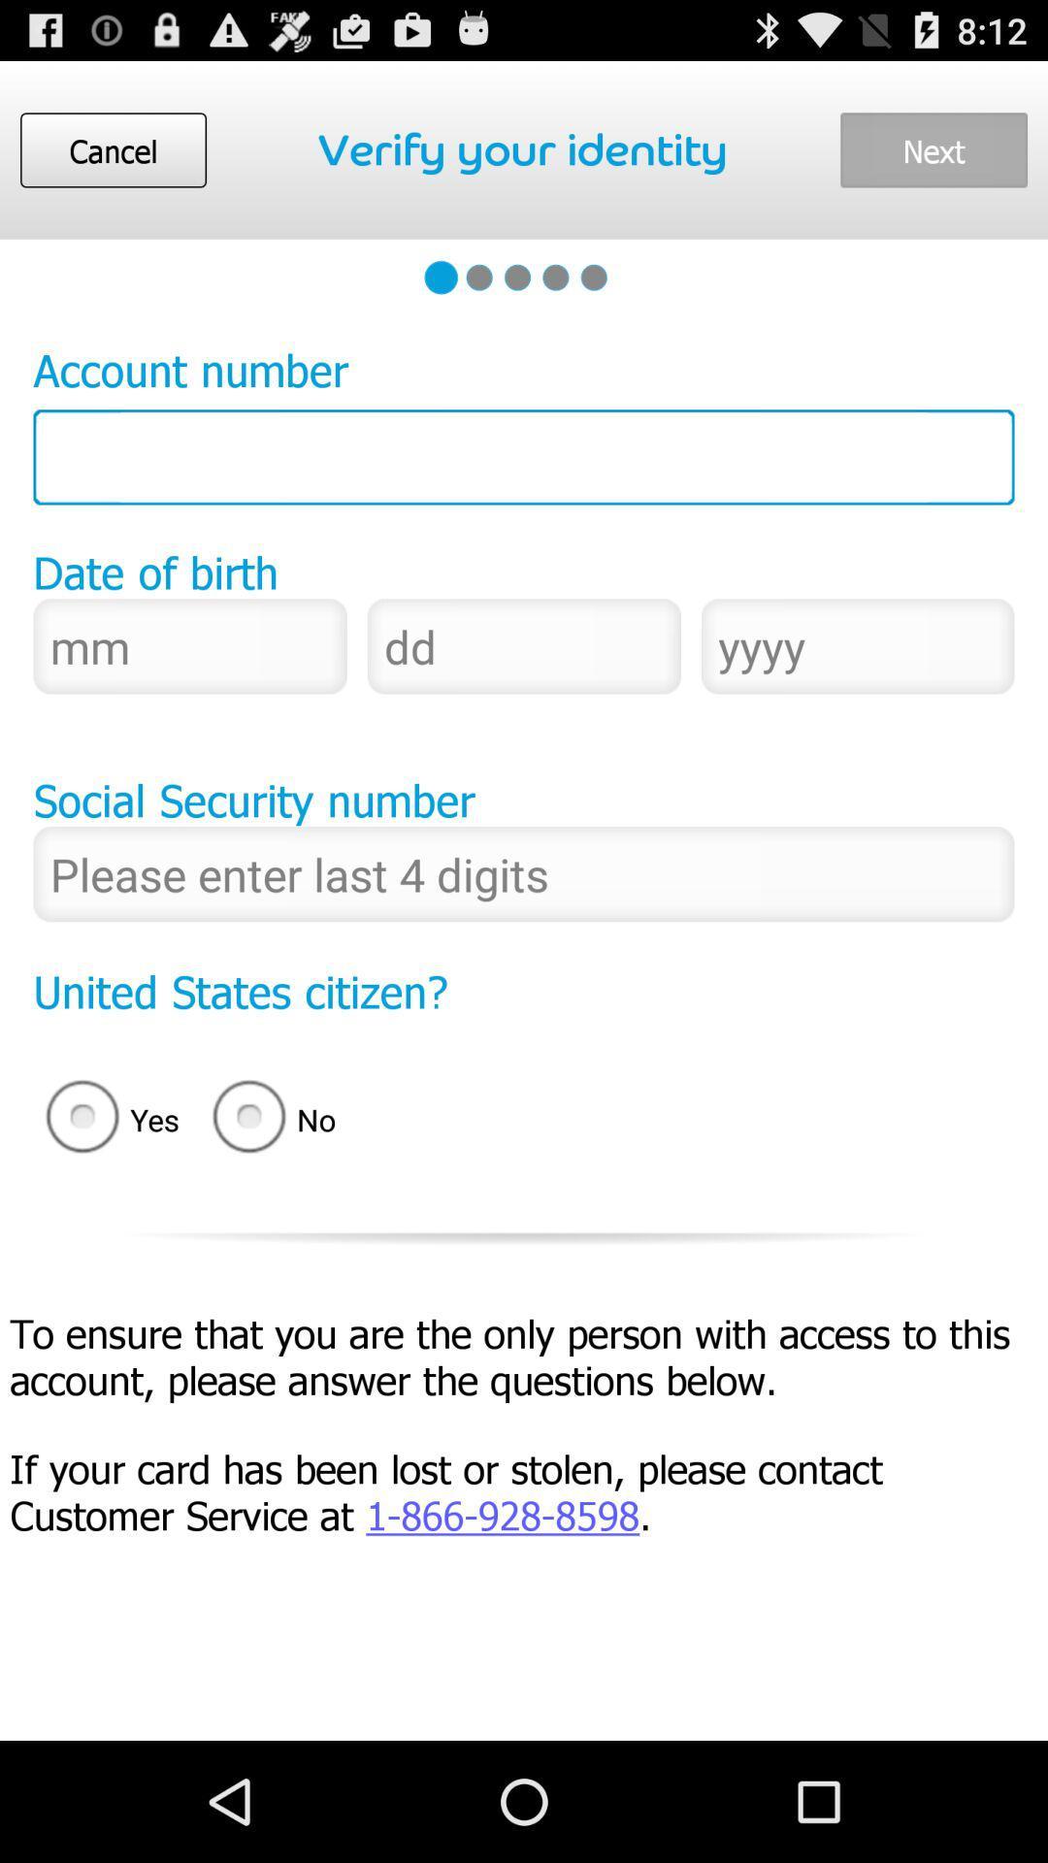  I want to click on item below the united states citizen? icon, so click(106, 1120).